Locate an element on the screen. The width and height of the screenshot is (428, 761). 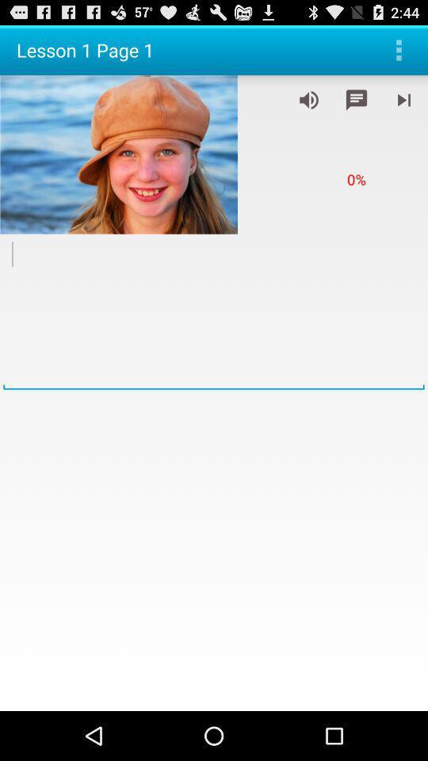
send message is located at coordinates (356, 99).